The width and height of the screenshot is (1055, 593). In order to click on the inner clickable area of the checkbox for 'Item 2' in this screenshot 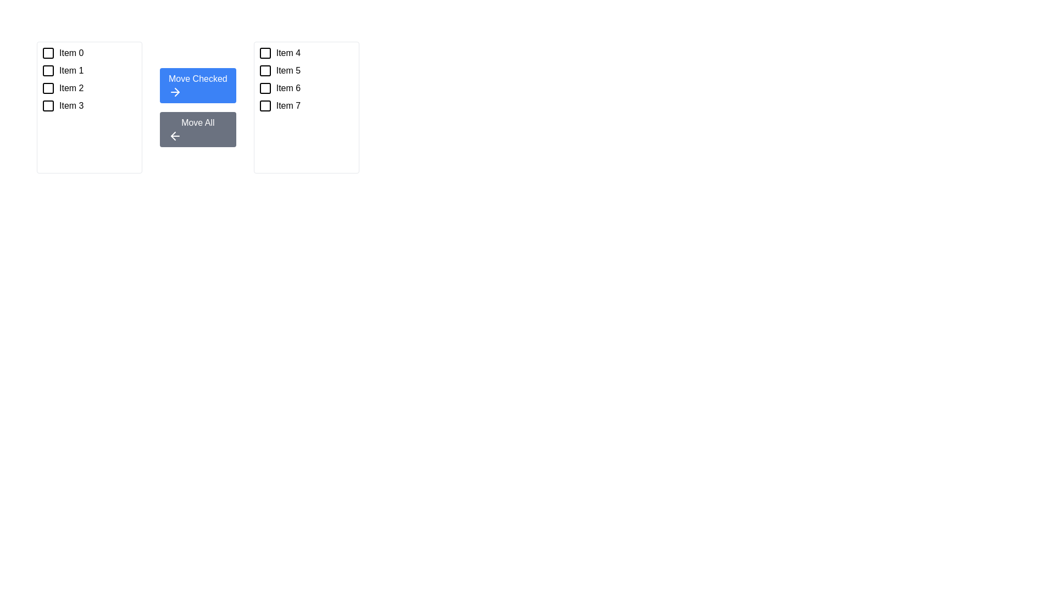, I will do `click(47, 88)`.